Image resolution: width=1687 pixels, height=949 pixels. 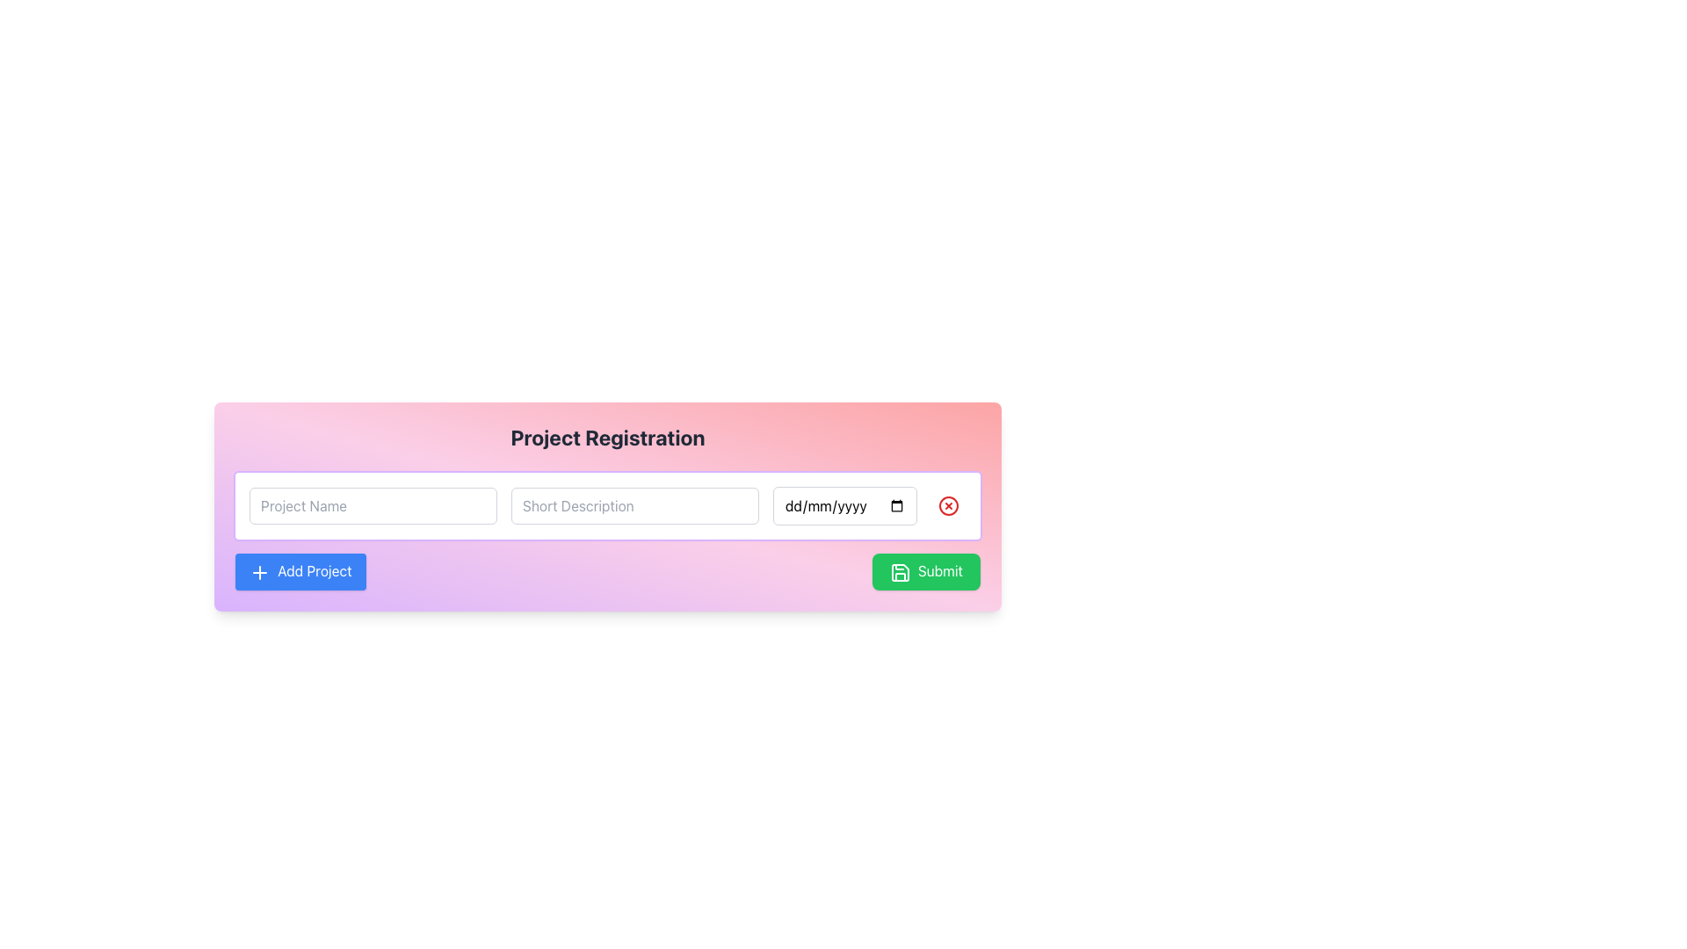 I want to click on the Close Icon Button located in the top right corner of the date input field to clear the date input, so click(x=948, y=505).